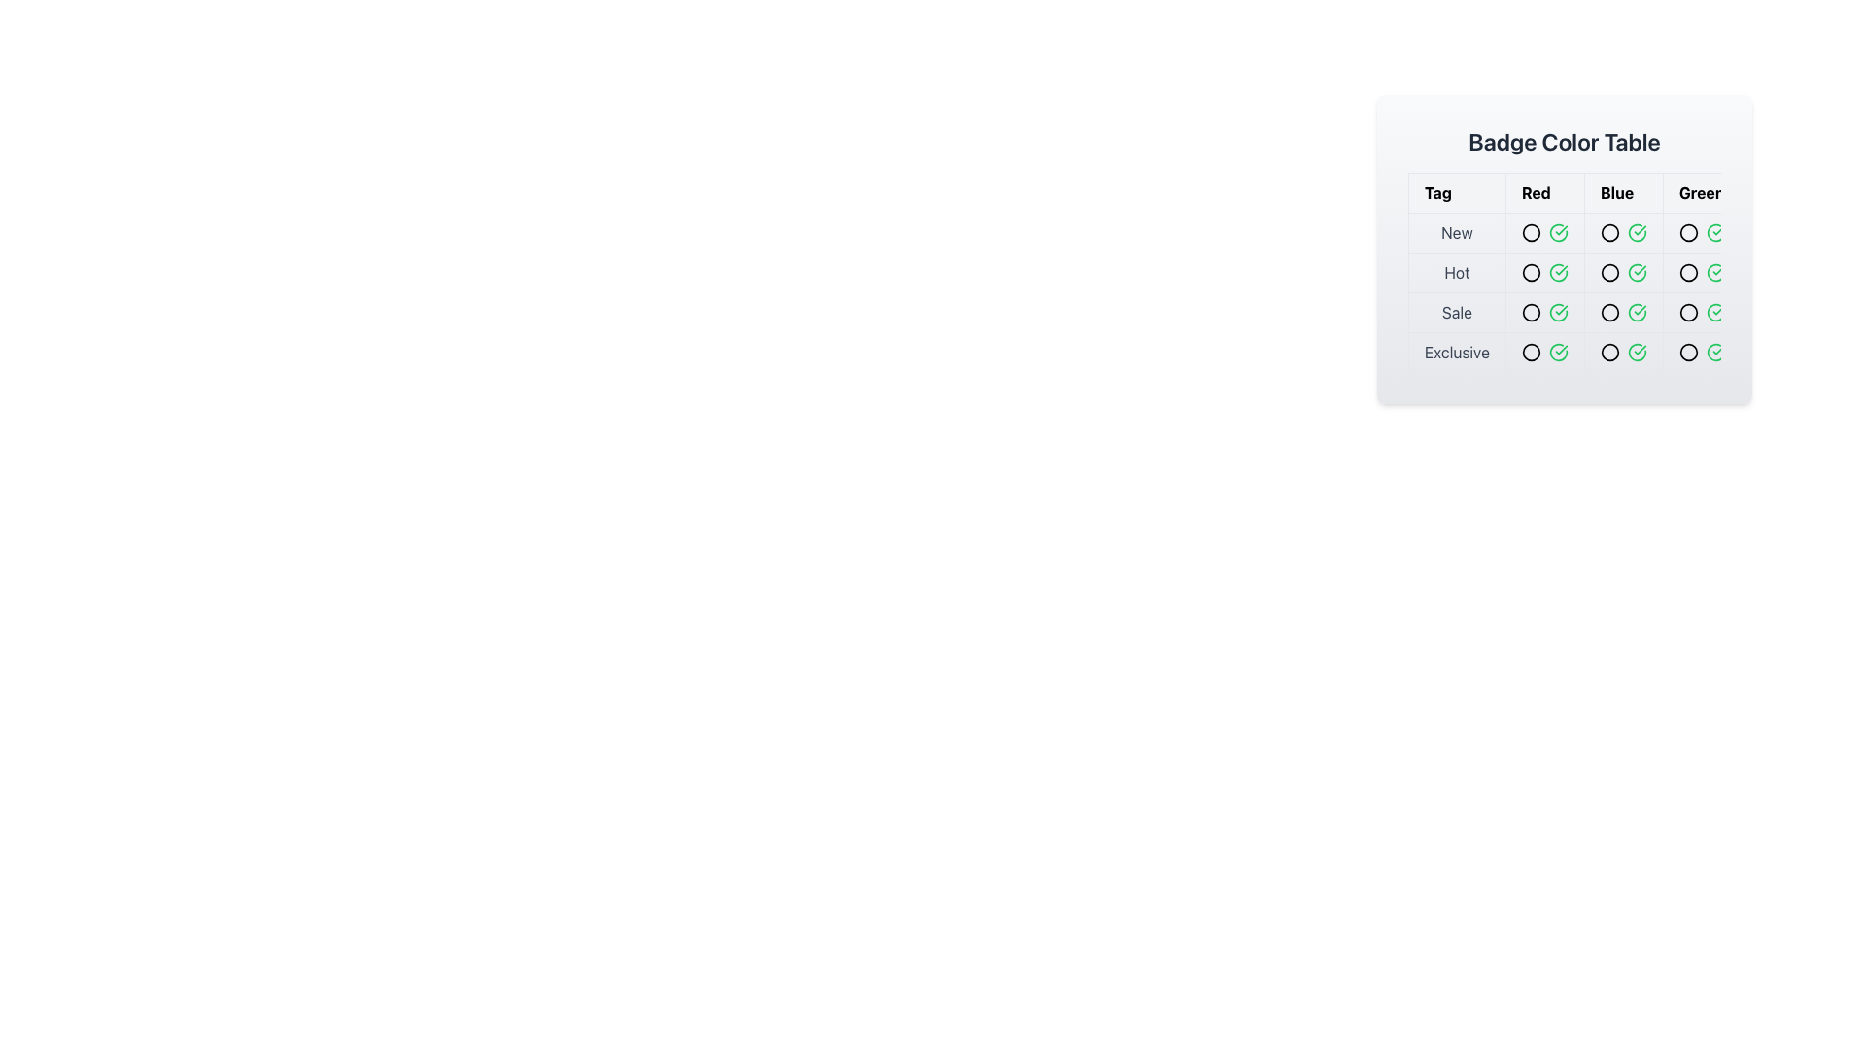  Describe the element at coordinates (1609, 231) in the screenshot. I see `the status indicator icon located in the 'Blue' column and 'New' row of the table layout` at that location.